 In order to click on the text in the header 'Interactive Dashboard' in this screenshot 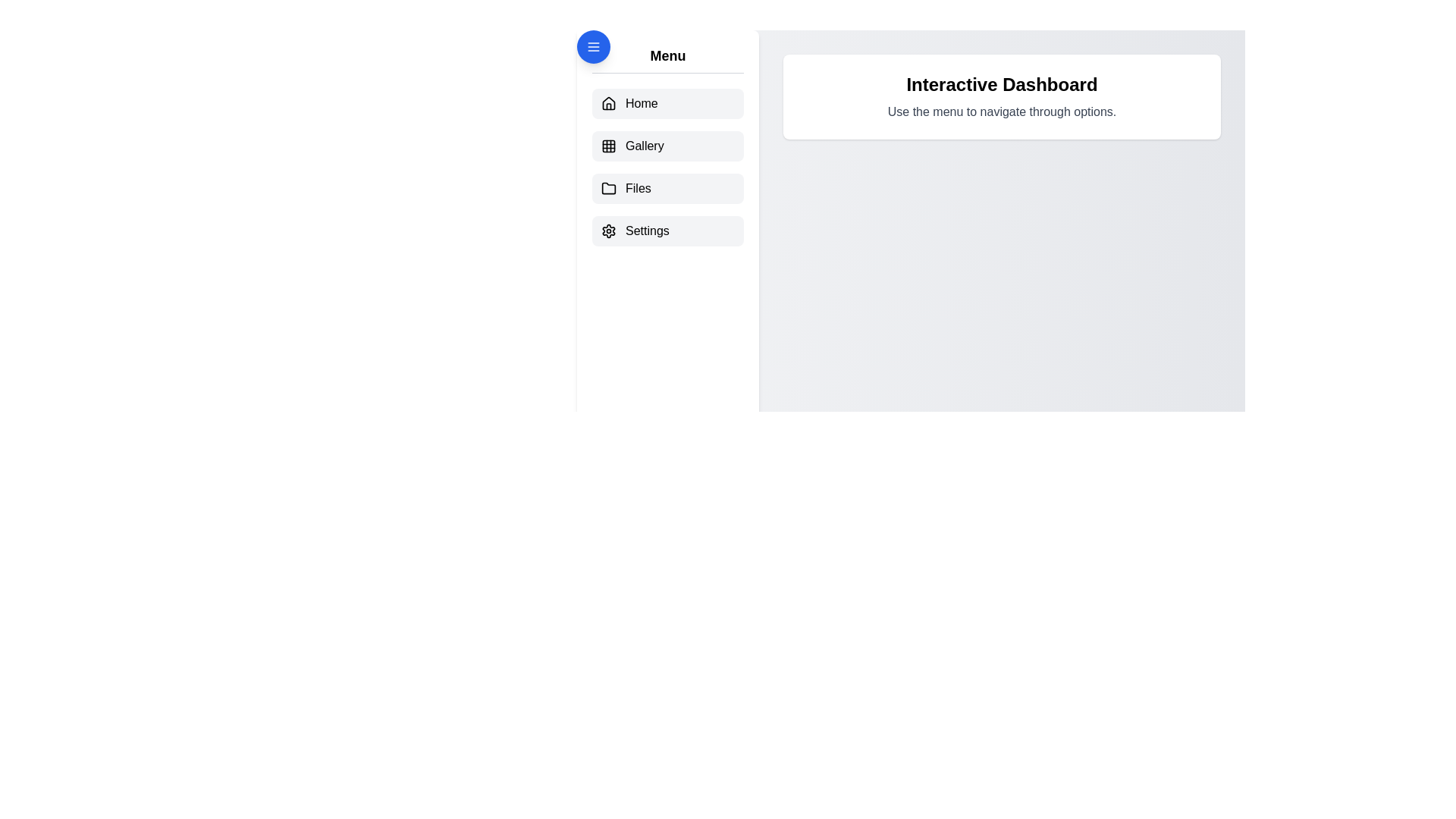, I will do `click(1002, 84)`.